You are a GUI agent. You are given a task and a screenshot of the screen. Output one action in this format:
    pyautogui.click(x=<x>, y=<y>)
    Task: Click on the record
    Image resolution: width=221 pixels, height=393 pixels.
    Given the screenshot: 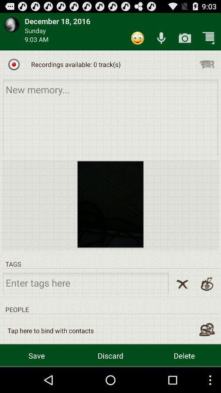 What is the action you would take?
    pyautogui.click(x=14, y=64)
    